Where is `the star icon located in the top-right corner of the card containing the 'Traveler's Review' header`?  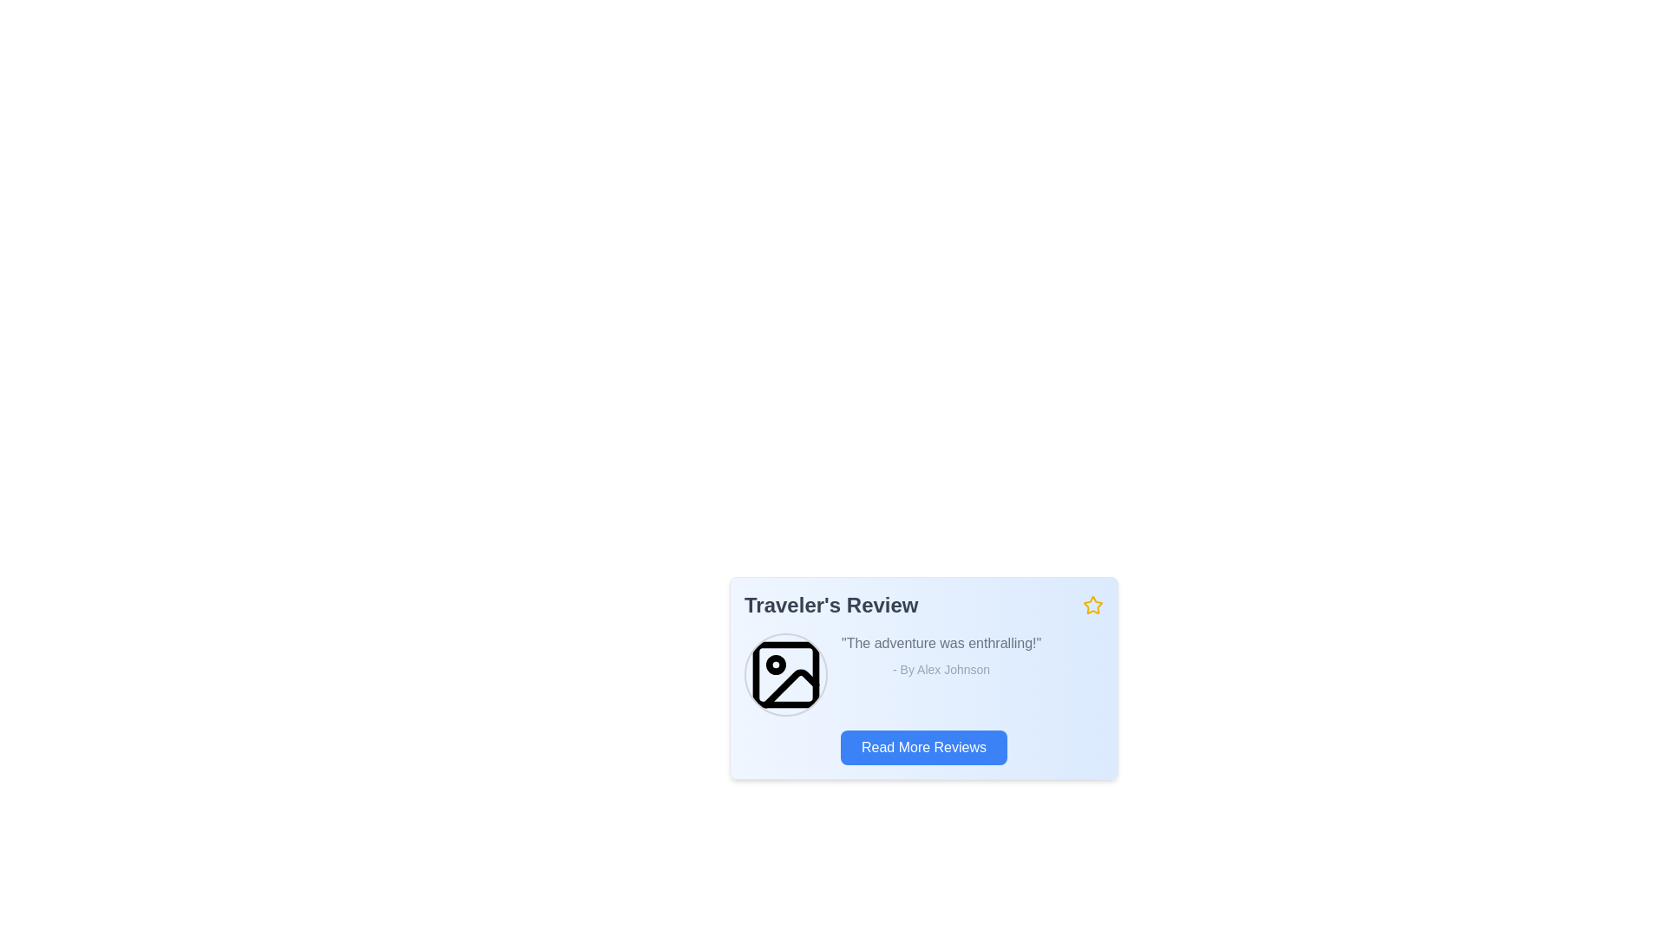 the star icon located in the top-right corner of the card containing the 'Traveler's Review' header is located at coordinates (1092, 605).